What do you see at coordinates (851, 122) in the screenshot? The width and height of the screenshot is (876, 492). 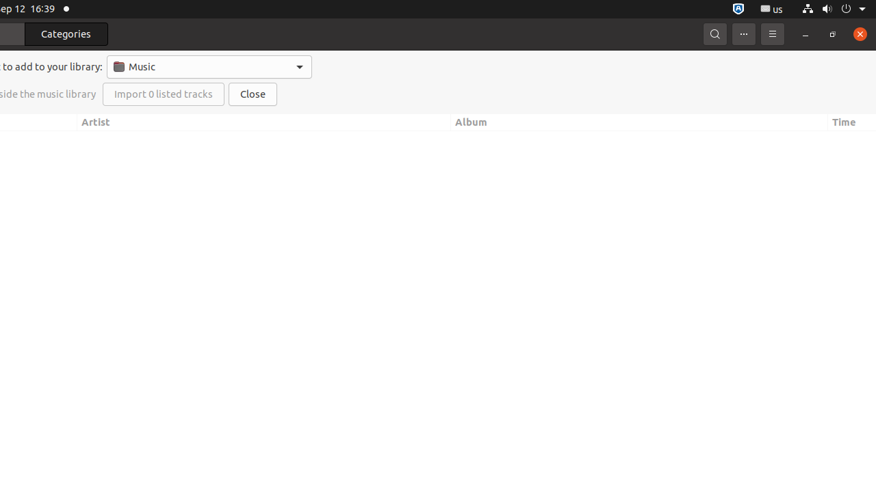 I see `'Time'` at bounding box center [851, 122].